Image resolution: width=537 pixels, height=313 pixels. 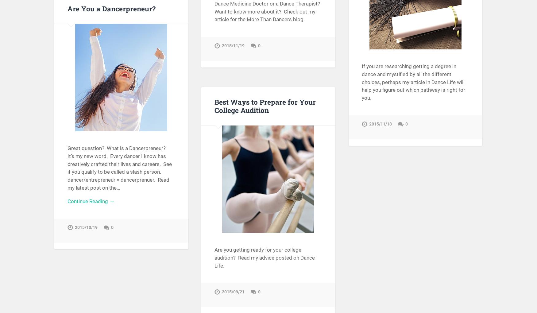 I want to click on 'Are you getting ready for your college audition?  Read my advice posted on Dance Life.', so click(x=265, y=257).